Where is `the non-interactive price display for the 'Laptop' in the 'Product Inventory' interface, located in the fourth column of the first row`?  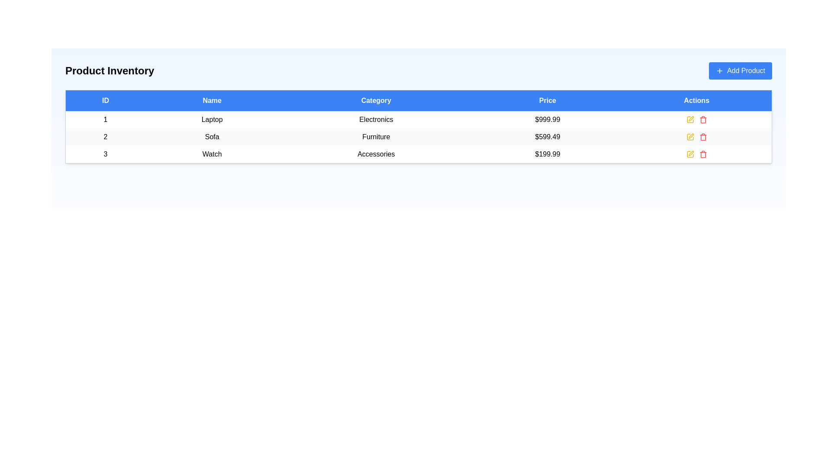 the non-interactive price display for the 'Laptop' in the 'Product Inventory' interface, located in the fourth column of the first row is located at coordinates (547, 120).